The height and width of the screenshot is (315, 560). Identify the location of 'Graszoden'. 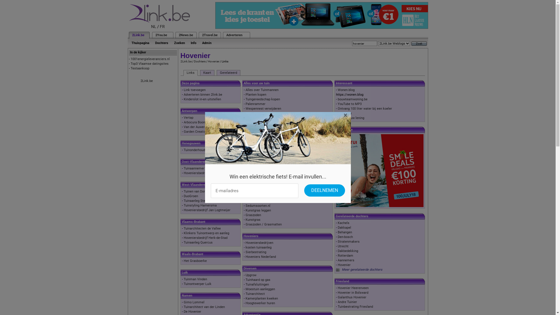
(245, 215).